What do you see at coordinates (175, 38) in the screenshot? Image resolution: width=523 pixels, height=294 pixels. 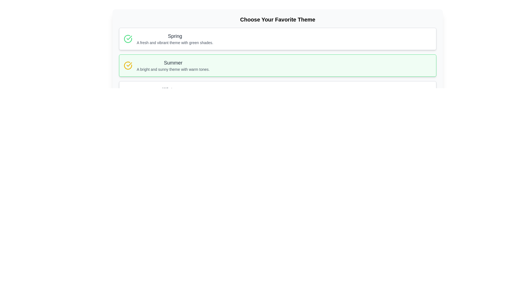 I see `the text content element providing the title and description for the 'Spring' theme, located to the right of the circular icon within the selectable card` at bounding box center [175, 38].